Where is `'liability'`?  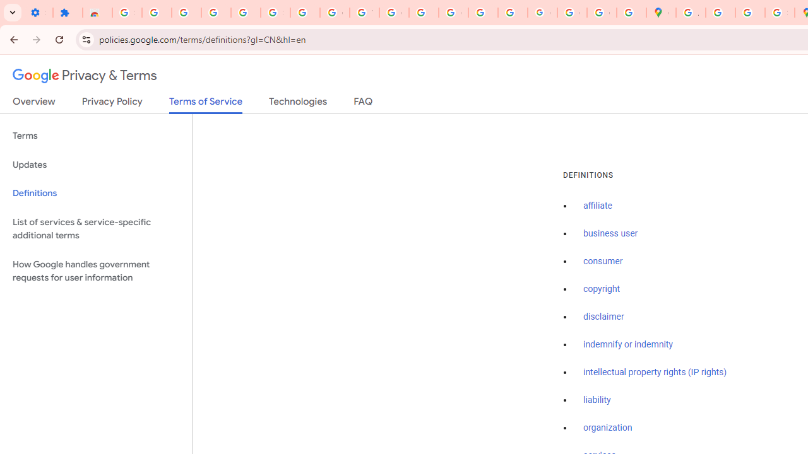 'liability' is located at coordinates (596, 400).